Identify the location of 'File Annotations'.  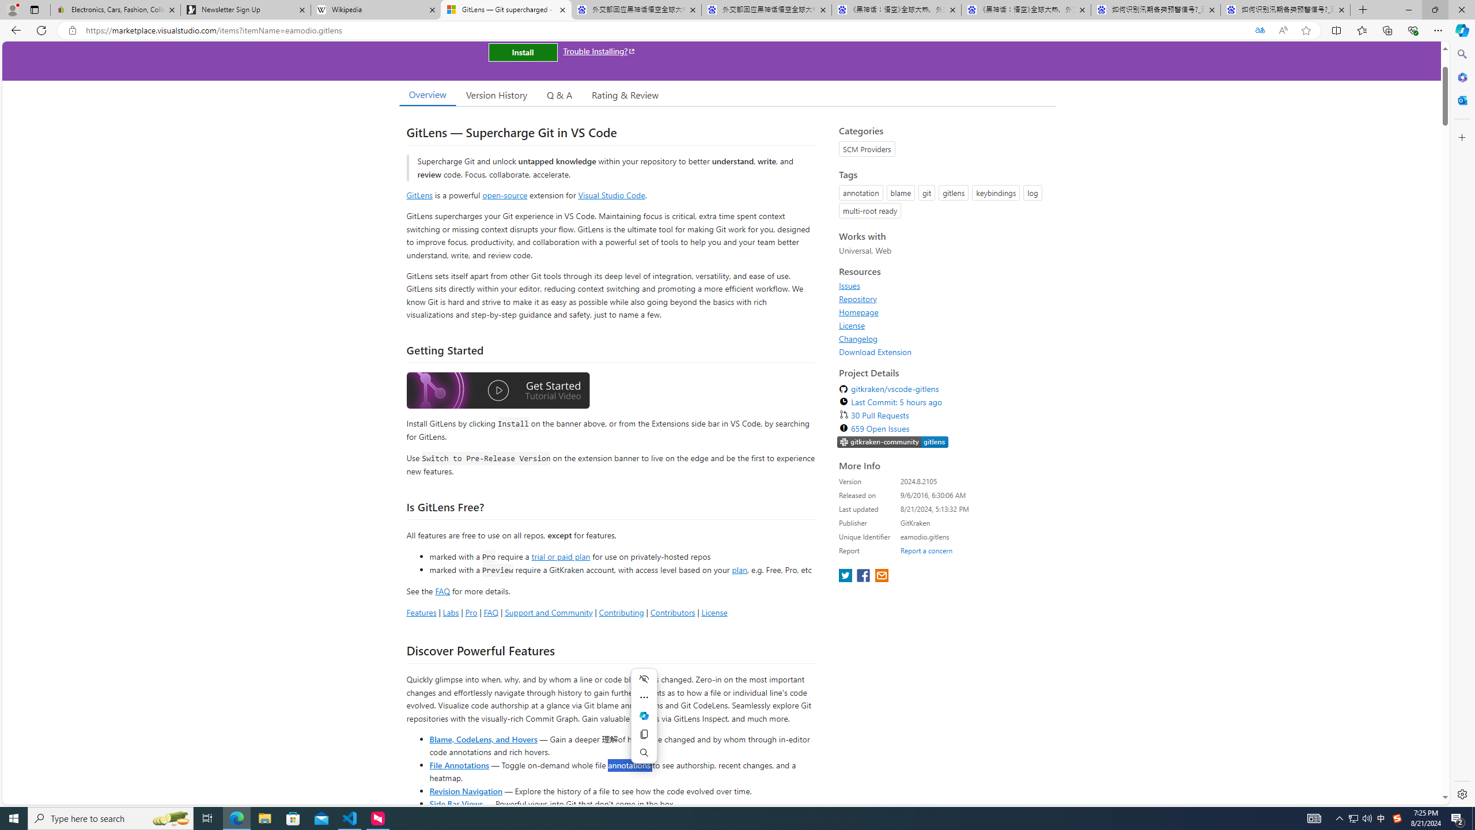
(459, 764).